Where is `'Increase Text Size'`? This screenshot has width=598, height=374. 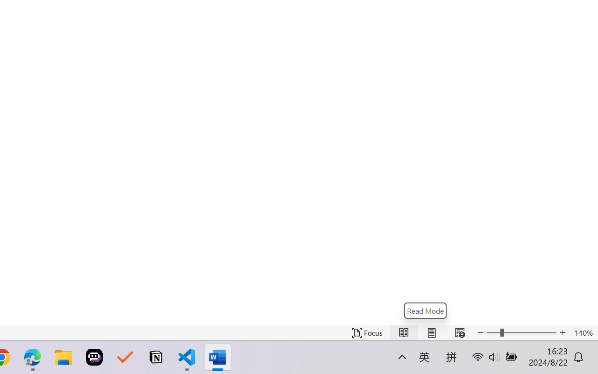
'Increase Text Size' is located at coordinates (562, 332).